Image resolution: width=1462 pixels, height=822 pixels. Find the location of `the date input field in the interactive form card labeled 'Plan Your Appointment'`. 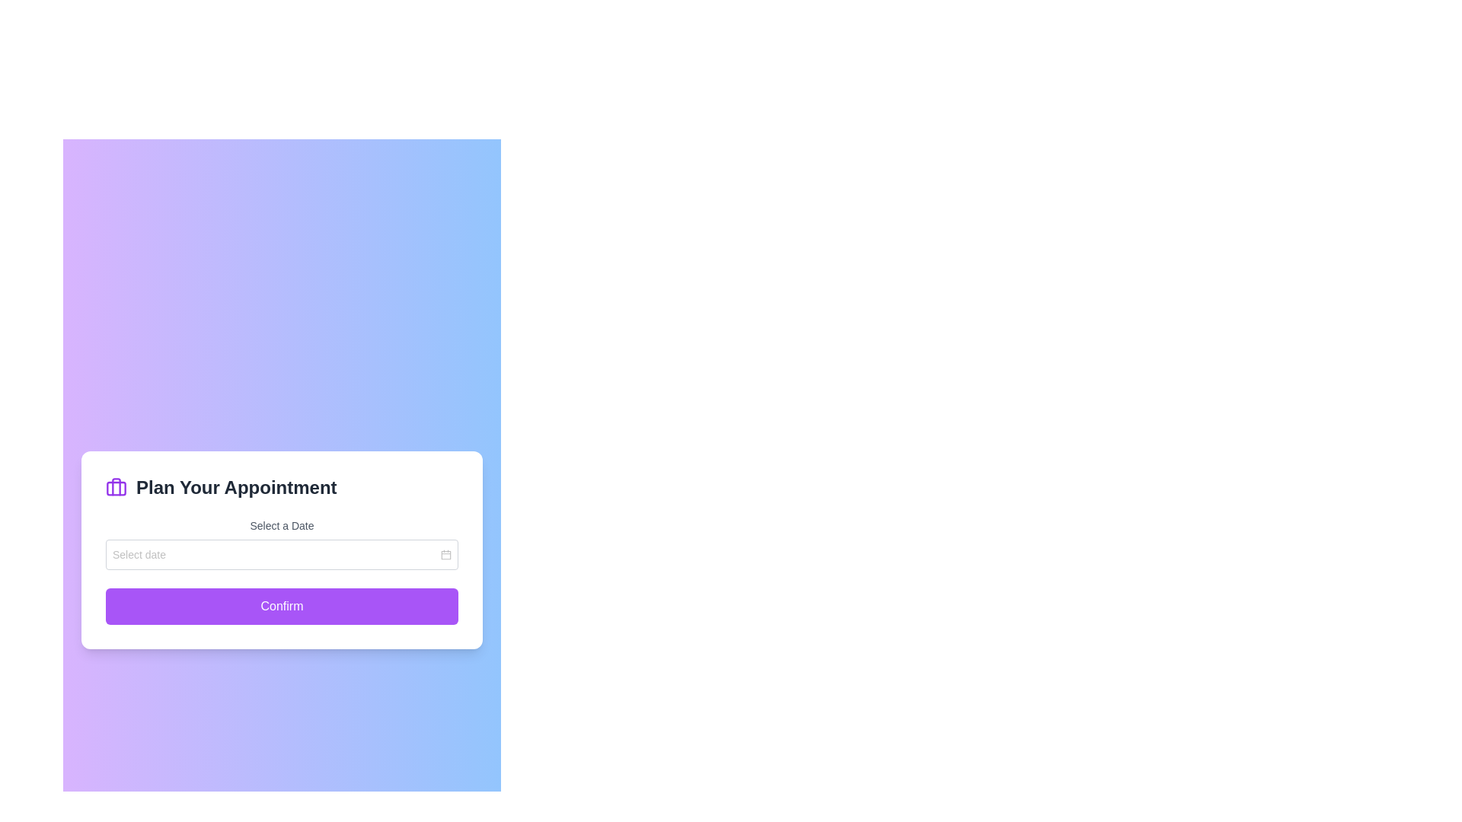

the date input field in the interactive form card labeled 'Plan Your Appointment' is located at coordinates (282, 550).